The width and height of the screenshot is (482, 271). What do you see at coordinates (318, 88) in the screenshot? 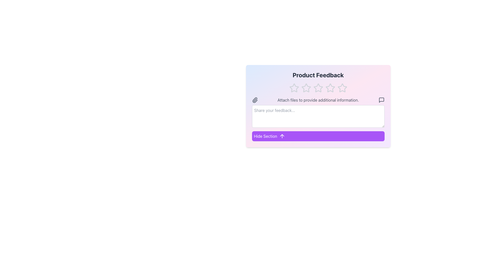
I see `the fourth star icon in the horizontal group of five gray outlined stars in the 'Product Feedback' modal` at bounding box center [318, 88].